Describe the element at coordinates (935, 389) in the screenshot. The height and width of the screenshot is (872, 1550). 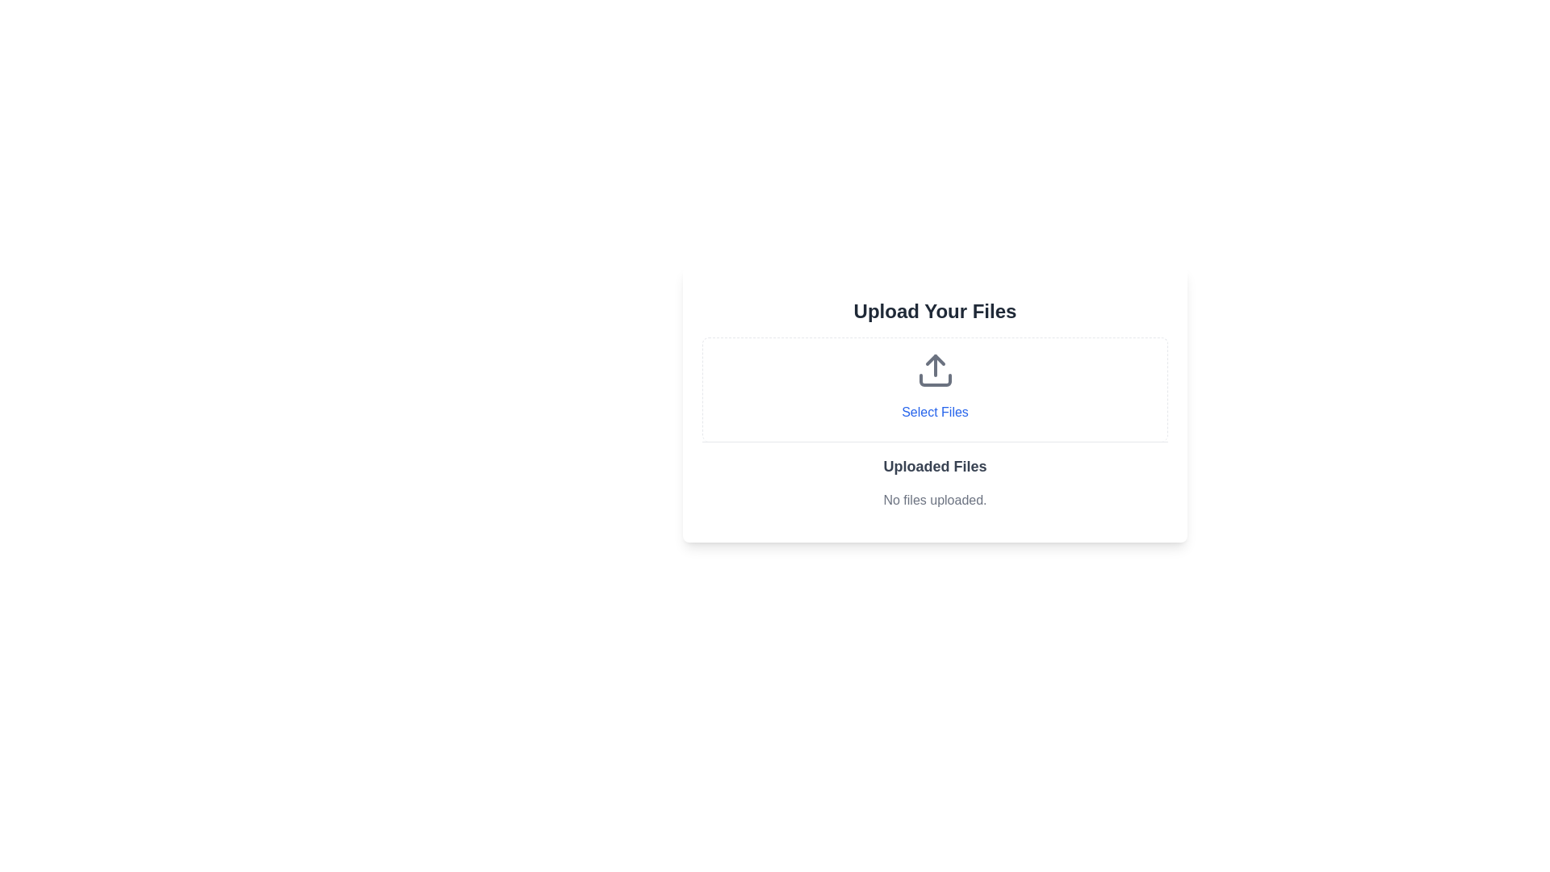
I see `the interactive file selection area with an upload icon` at that location.